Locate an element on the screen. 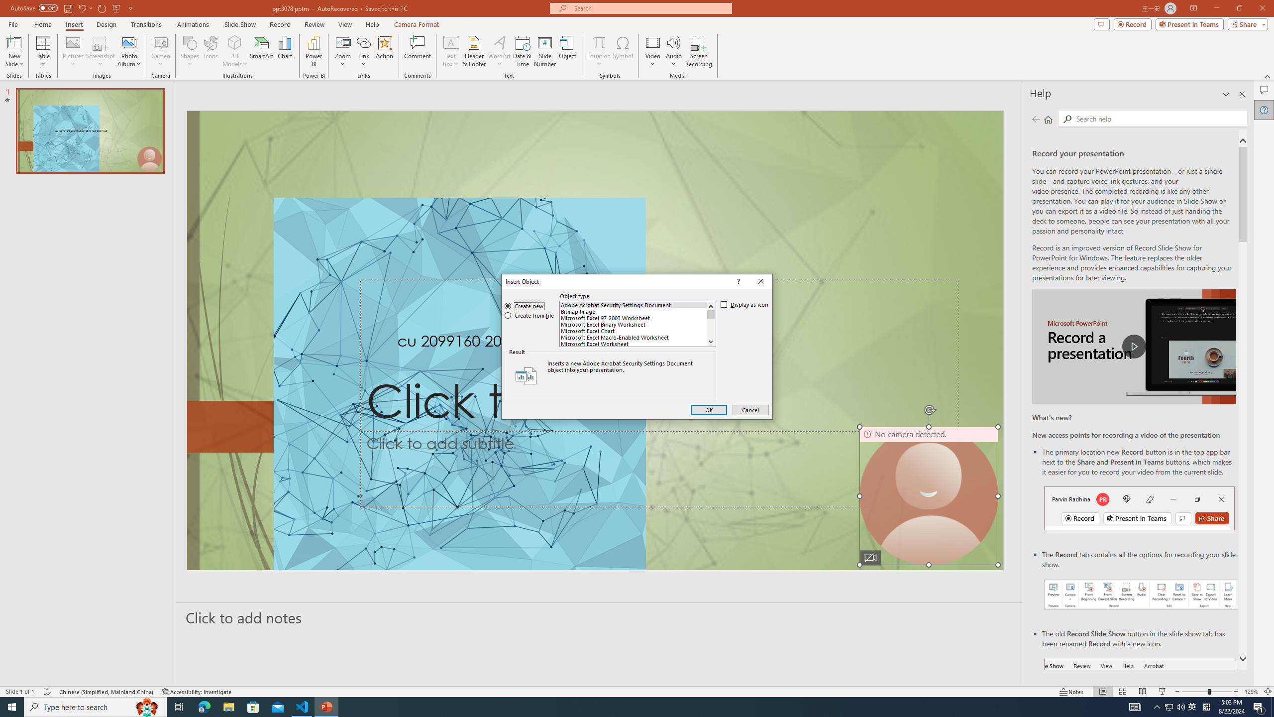 This screenshot has height=717, width=1274. 'Symbol...' is located at coordinates (623, 51).